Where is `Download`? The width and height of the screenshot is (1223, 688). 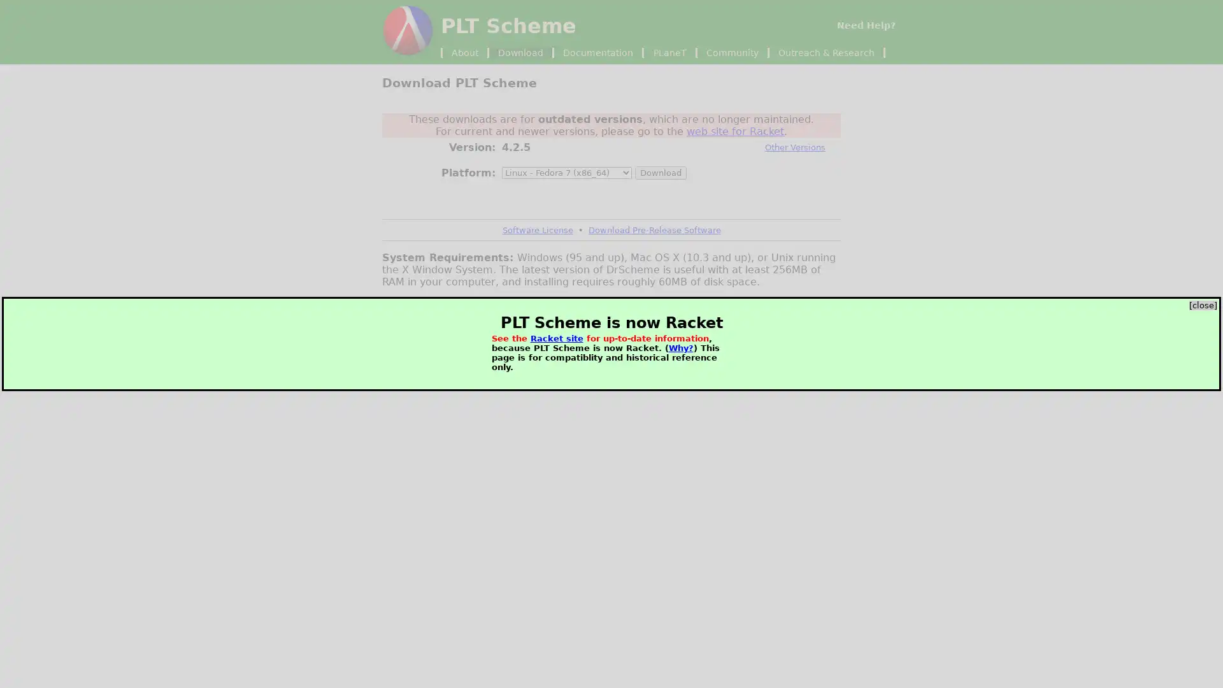 Download is located at coordinates (660, 173).